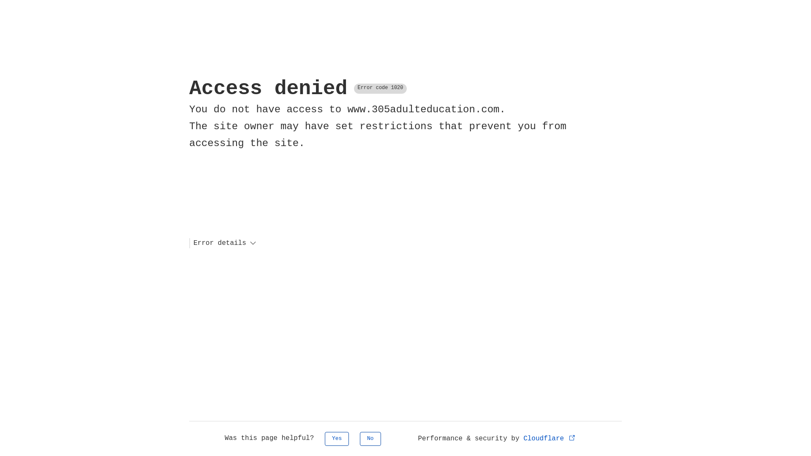  Describe the element at coordinates (550, 438) in the screenshot. I see `'Cloudflare'` at that location.